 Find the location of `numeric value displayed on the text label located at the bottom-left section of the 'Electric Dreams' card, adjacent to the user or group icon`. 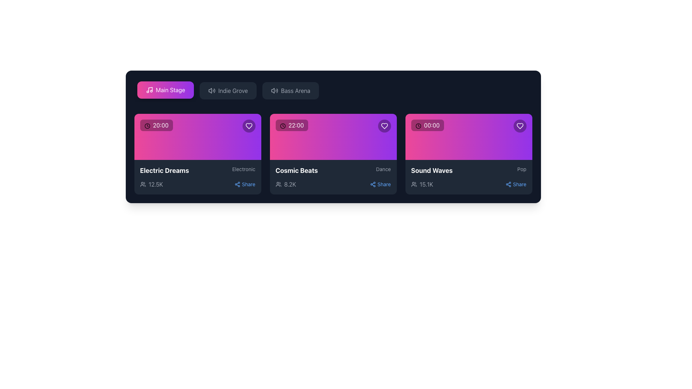

numeric value displayed on the text label located at the bottom-left section of the 'Electric Dreams' card, adjacent to the user or group icon is located at coordinates (155, 184).